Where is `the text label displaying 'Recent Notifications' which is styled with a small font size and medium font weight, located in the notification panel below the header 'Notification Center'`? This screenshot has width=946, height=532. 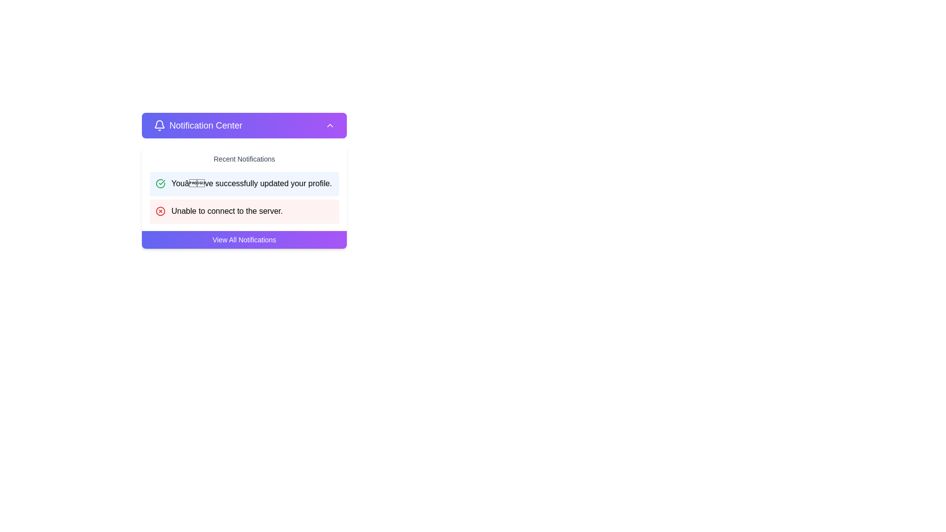
the text label displaying 'Recent Notifications' which is styled with a small font size and medium font weight, located in the notification panel below the header 'Notification Center' is located at coordinates (244, 155).